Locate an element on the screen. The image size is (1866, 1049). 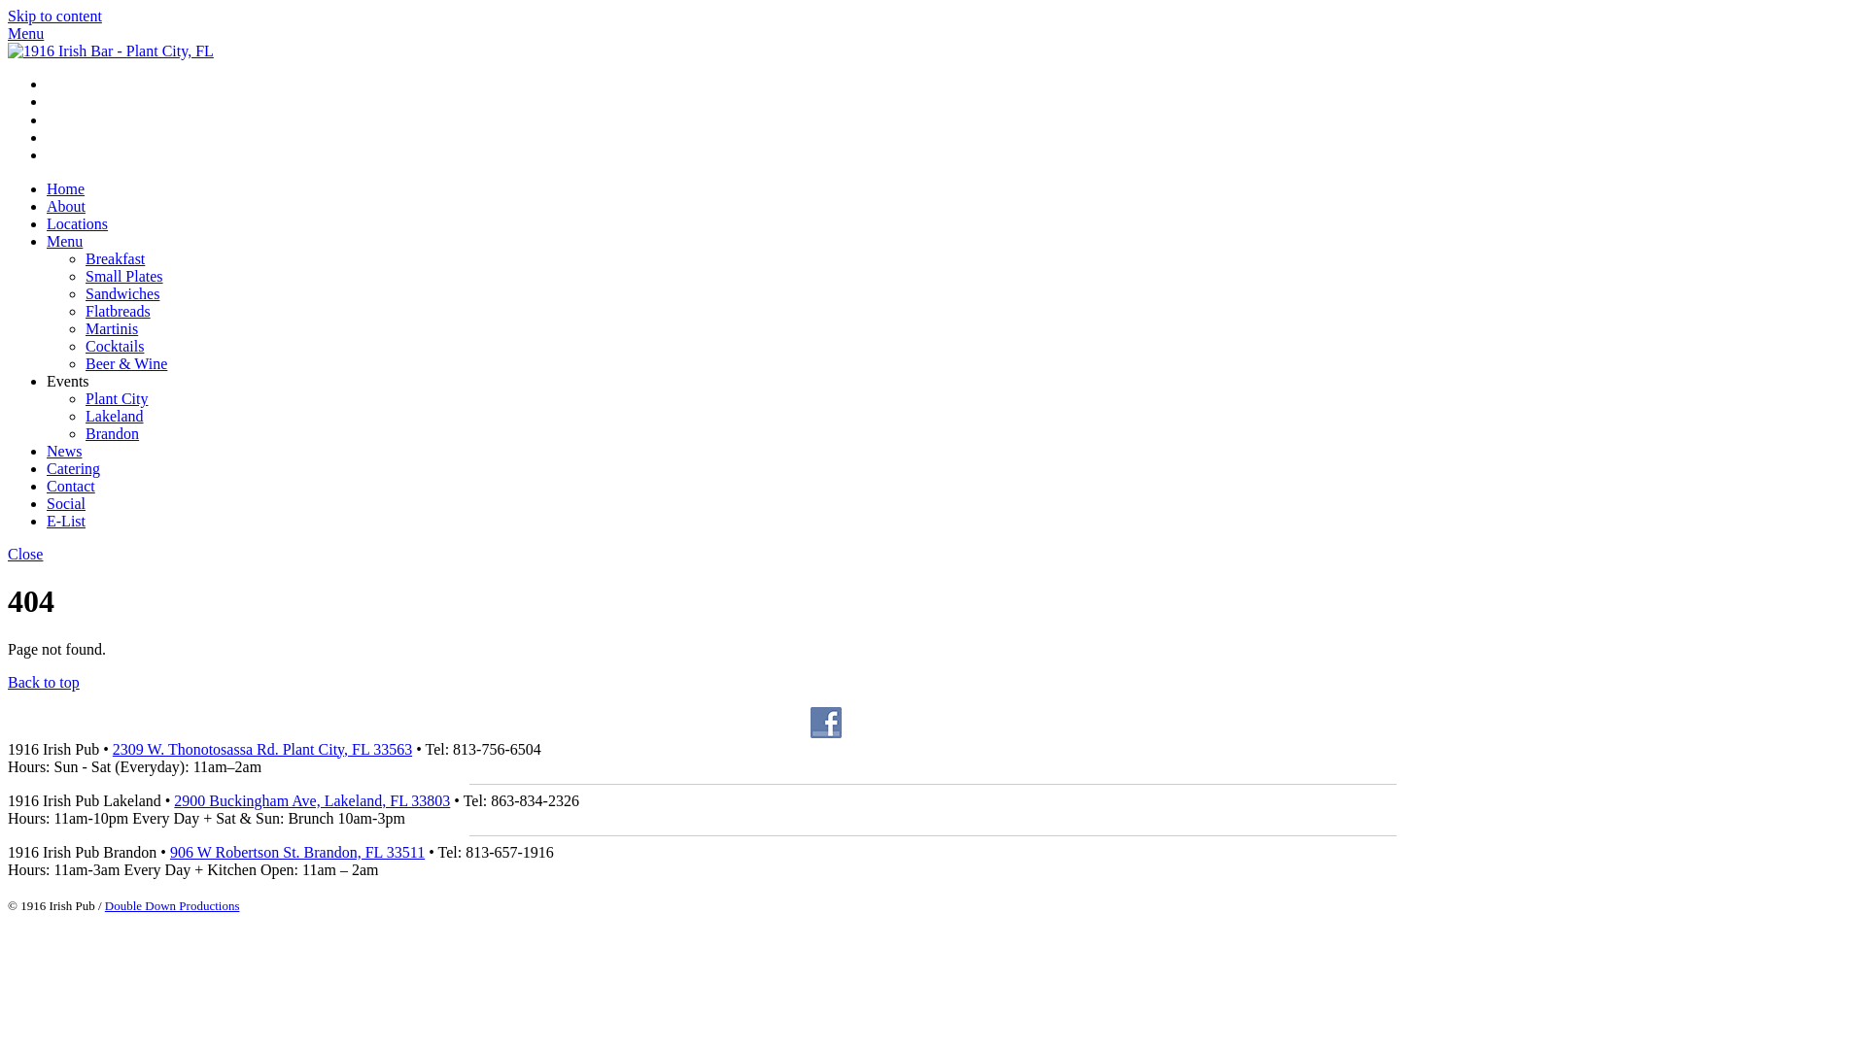
'Cocktails' is located at coordinates (114, 345).